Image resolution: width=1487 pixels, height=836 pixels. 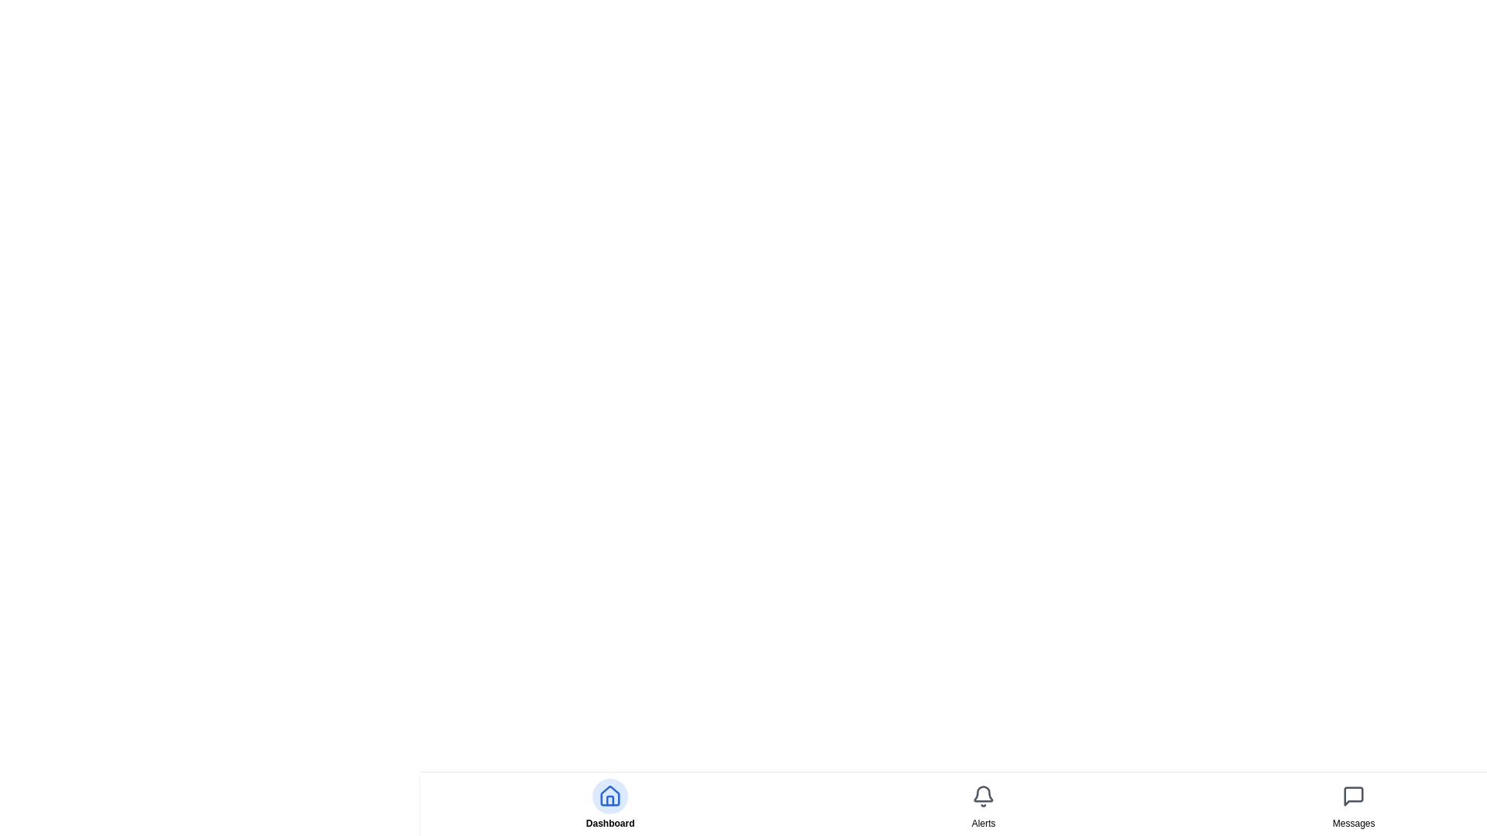 What do you see at coordinates (1353, 823) in the screenshot?
I see `the tab labeled Messages` at bounding box center [1353, 823].